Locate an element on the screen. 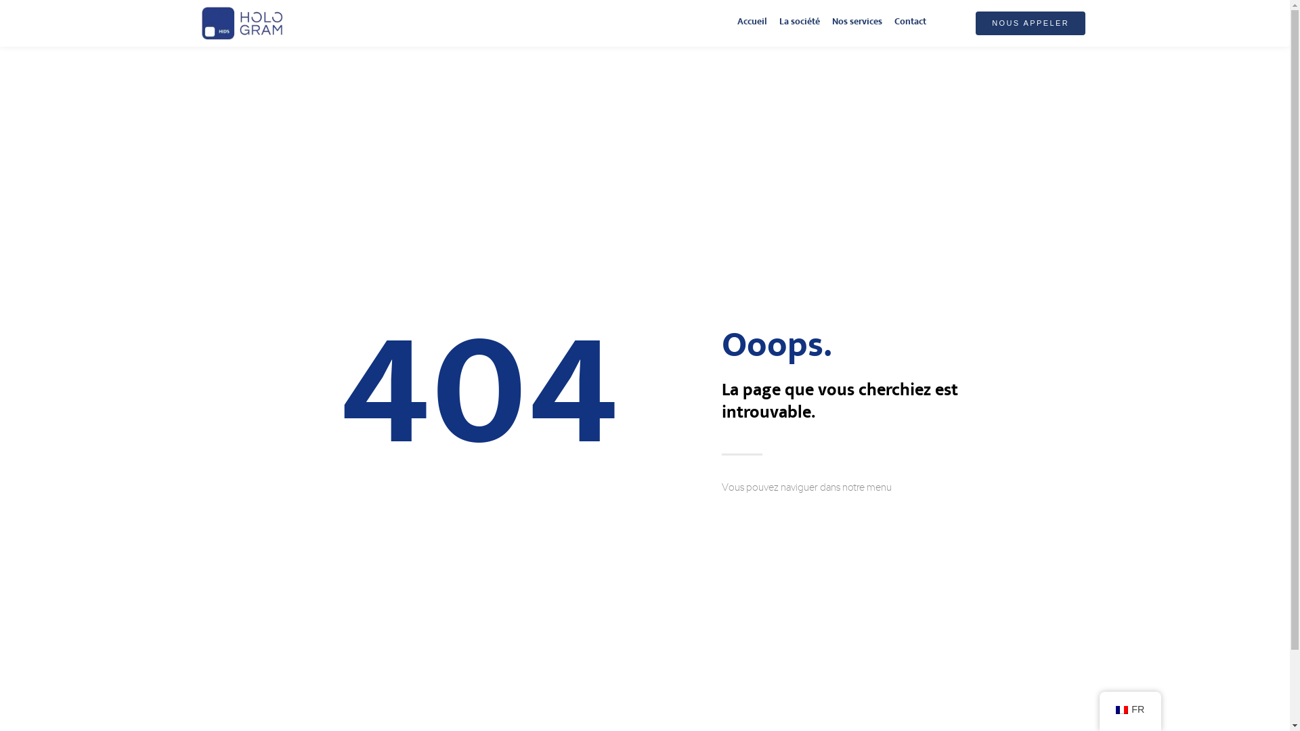 This screenshot has width=1300, height=731. 'NOUS APPELER' is located at coordinates (975, 23).